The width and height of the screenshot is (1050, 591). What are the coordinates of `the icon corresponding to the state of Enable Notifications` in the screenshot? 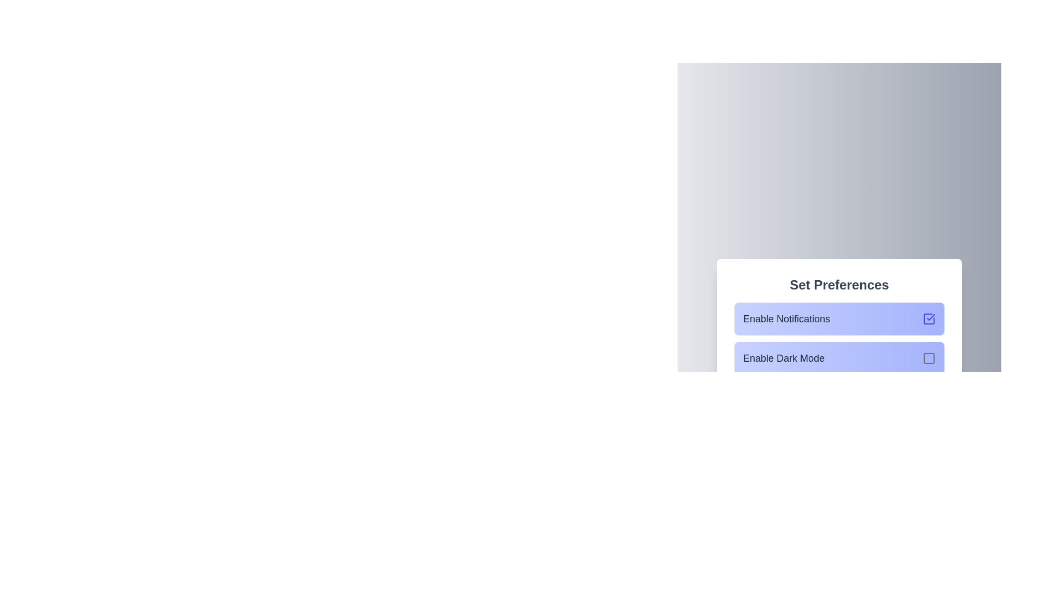 It's located at (929, 318).